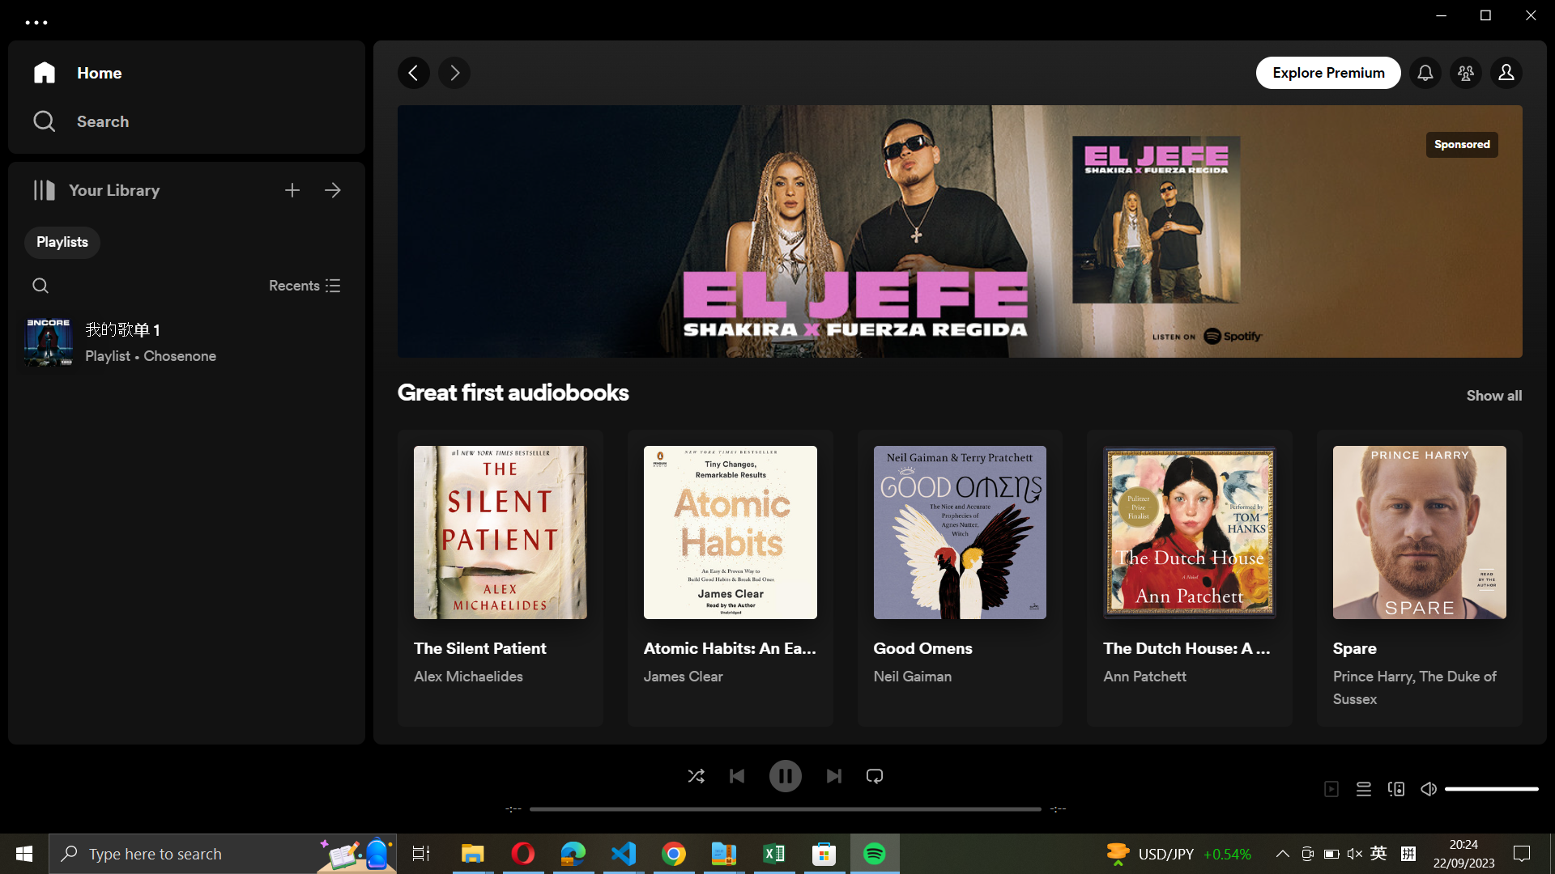 Image resolution: width=1555 pixels, height=874 pixels. Describe the element at coordinates (1451, 787) in the screenshot. I see `Decrease the audio amplitude` at that location.